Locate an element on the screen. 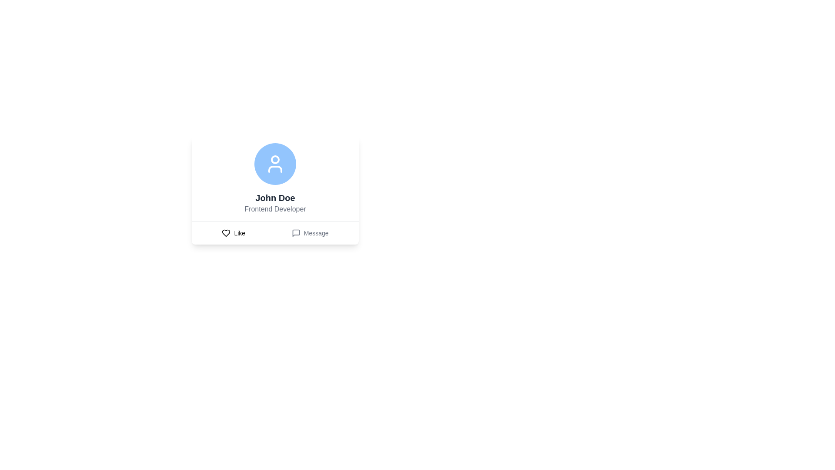  the user profile icon, which is a circular icon located centrally above the text 'John Doe' and 'Frontend Developer' is located at coordinates (275, 164).